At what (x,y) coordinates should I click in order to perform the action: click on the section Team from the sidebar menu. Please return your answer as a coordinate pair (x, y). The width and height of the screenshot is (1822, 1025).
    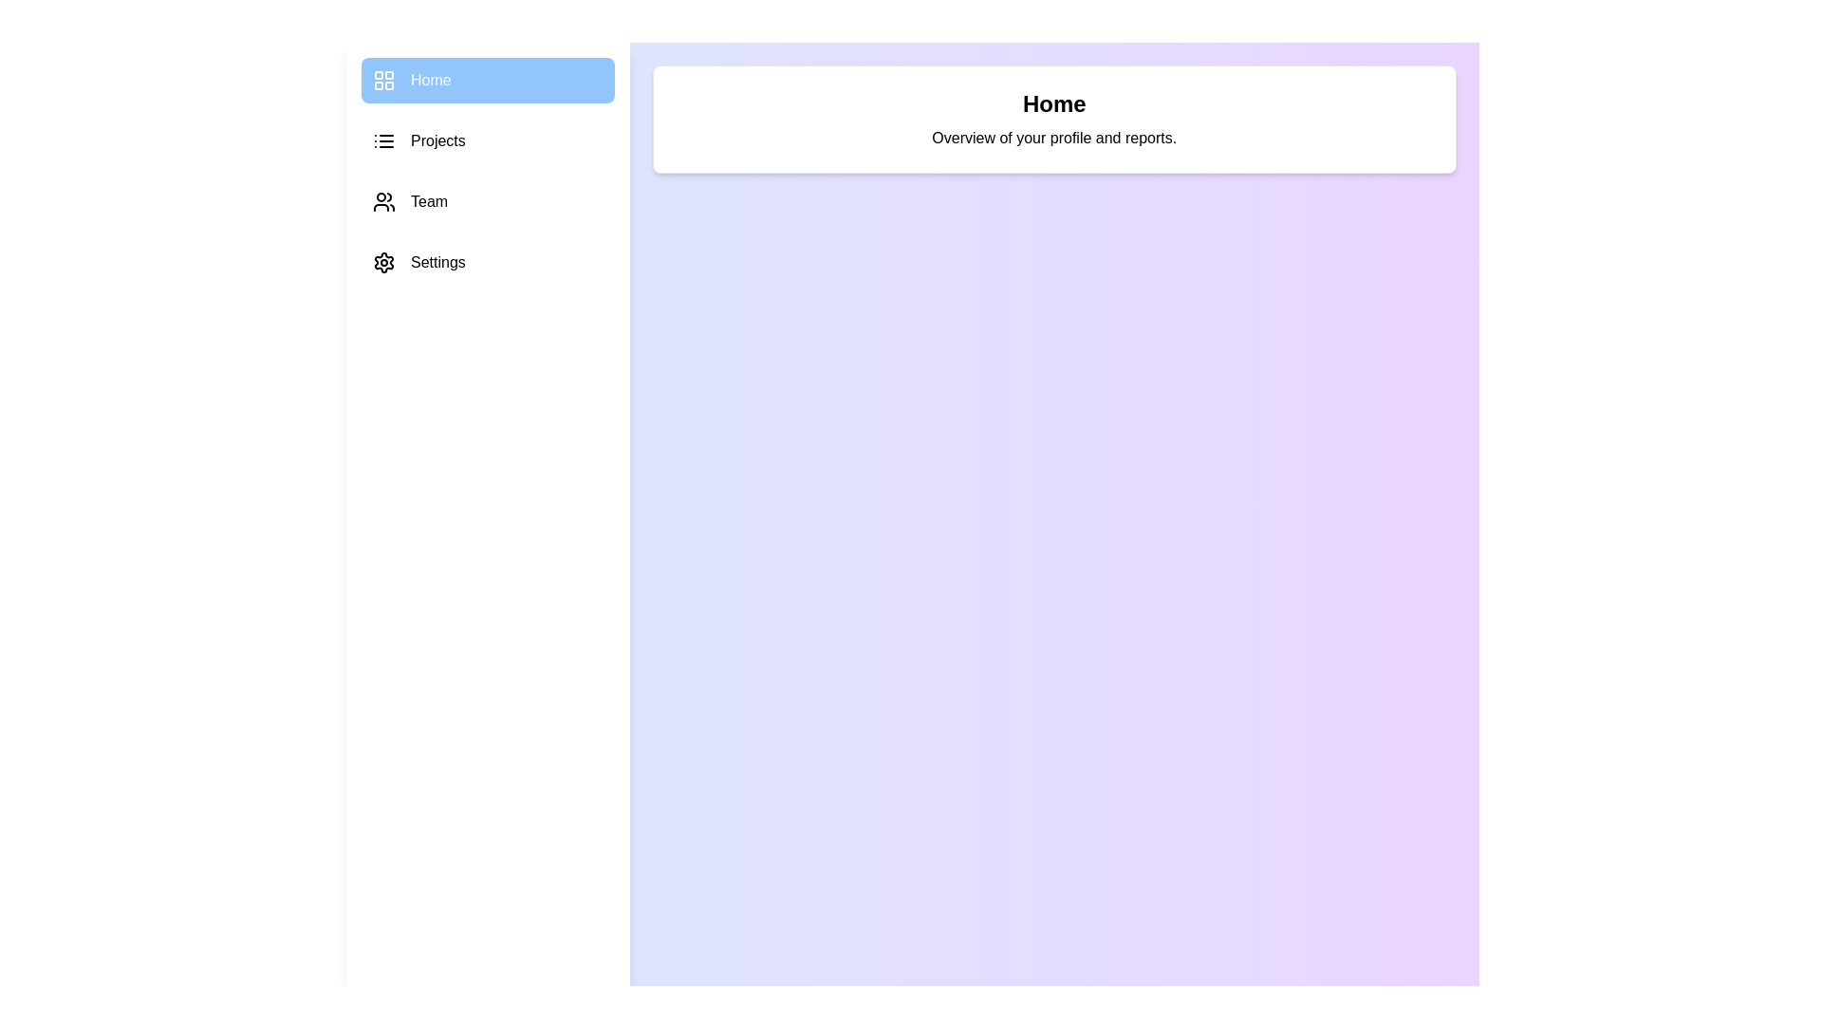
    Looking at the image, I should click on (488, 201).